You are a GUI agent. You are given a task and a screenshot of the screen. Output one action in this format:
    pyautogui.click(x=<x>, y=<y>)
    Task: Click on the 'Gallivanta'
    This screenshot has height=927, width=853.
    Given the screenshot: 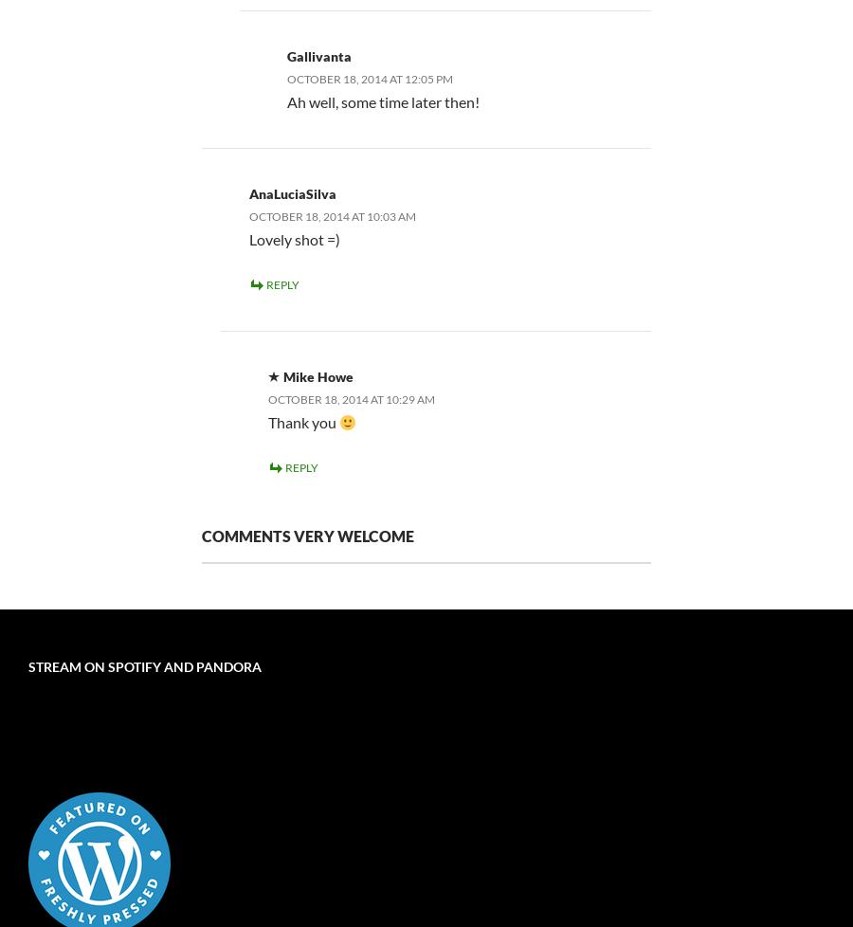 What is the action you would take?
    pyautogui.click(x=318, y=55)
    